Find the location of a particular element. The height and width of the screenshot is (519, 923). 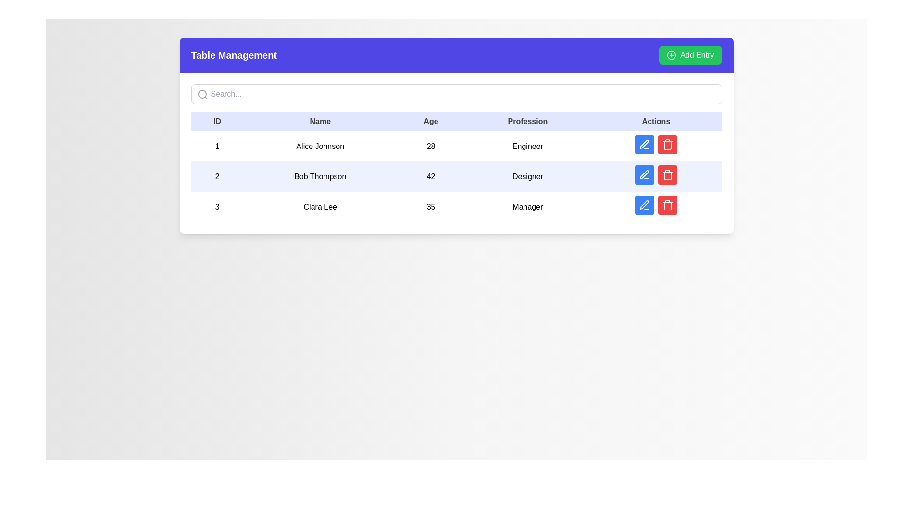

text from the table cell that displays the age of the individual in the third row for 'Clara Lee', located between the 'Name' and 'Profession' columns is located at coordinates (430, 206).